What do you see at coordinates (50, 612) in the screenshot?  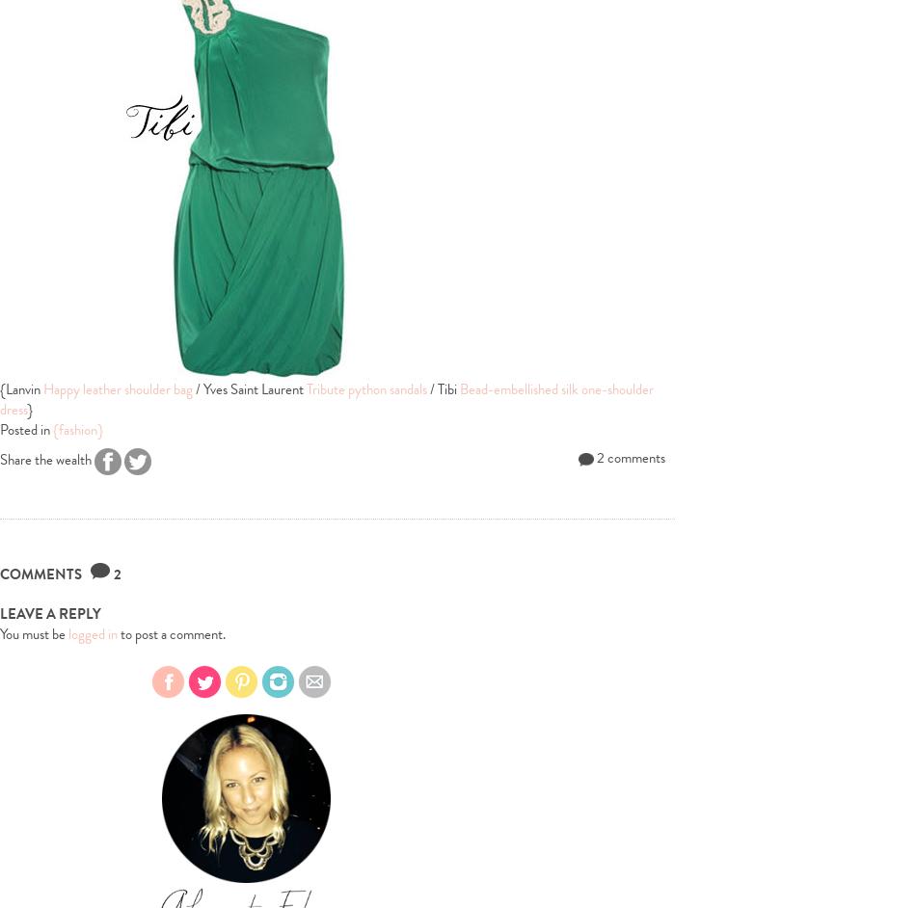 I see `'LEAVE A REPLY'` at bounding box center [50, 612].